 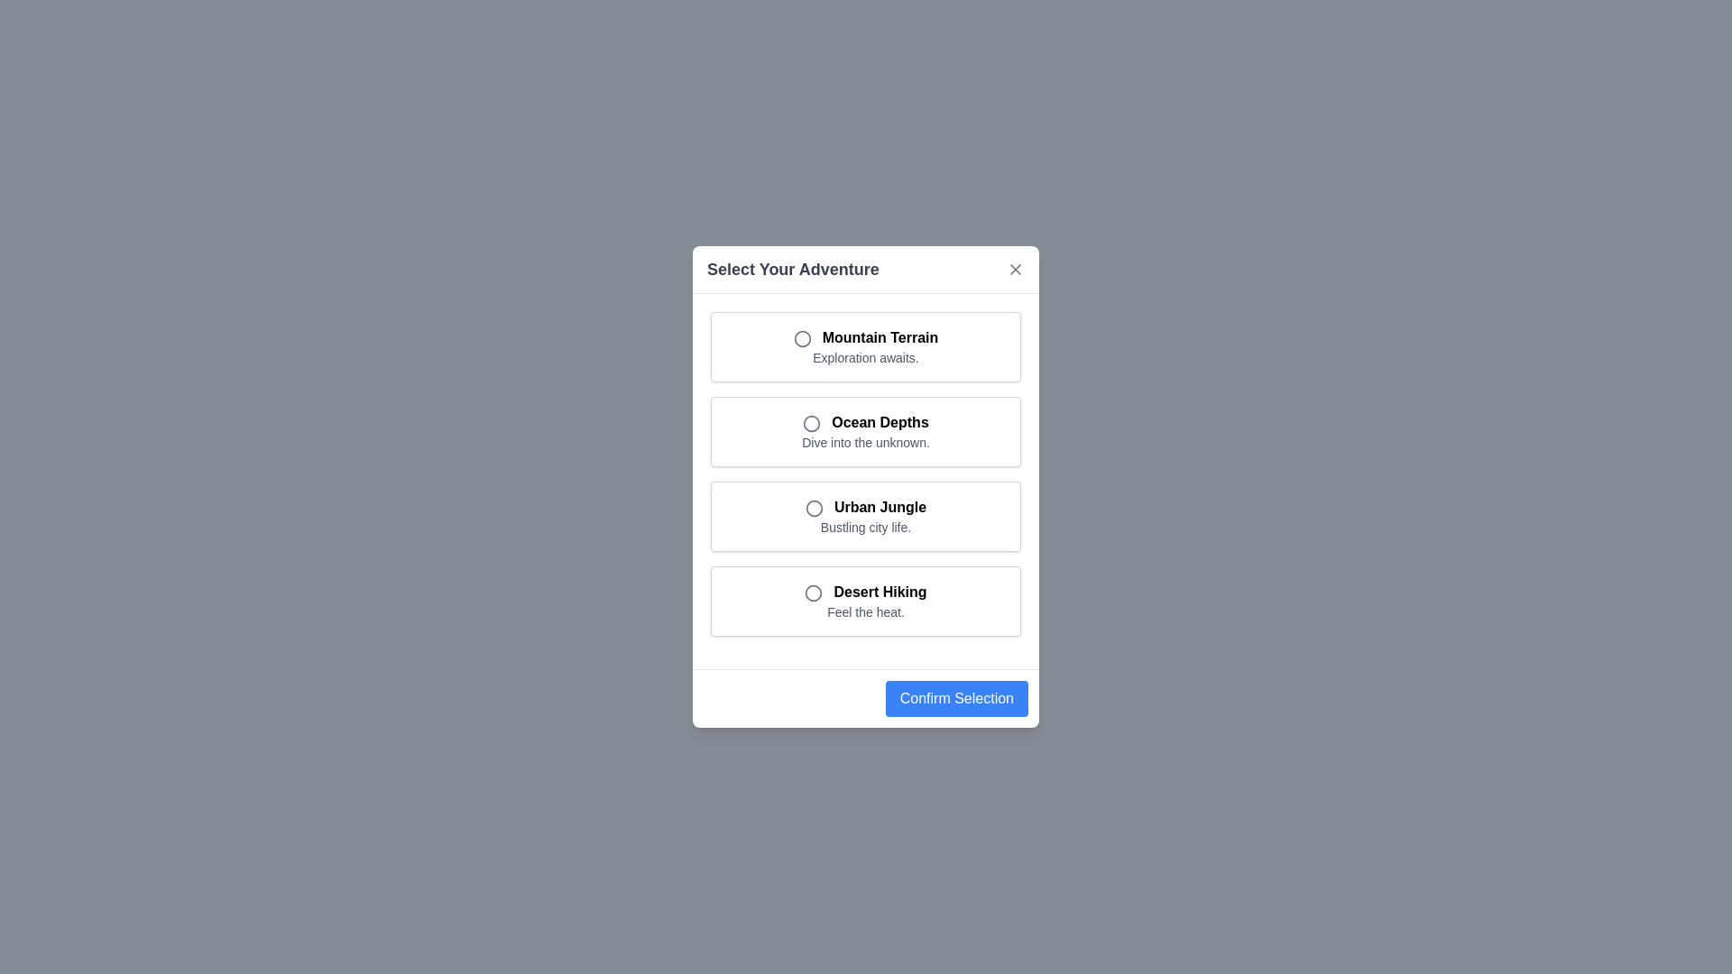 What do you see at coordinates (955, 698) in the screenshot?
I see `'Confirm Selection' button to confirm the selected adventure` at bounding box center [955, 698].